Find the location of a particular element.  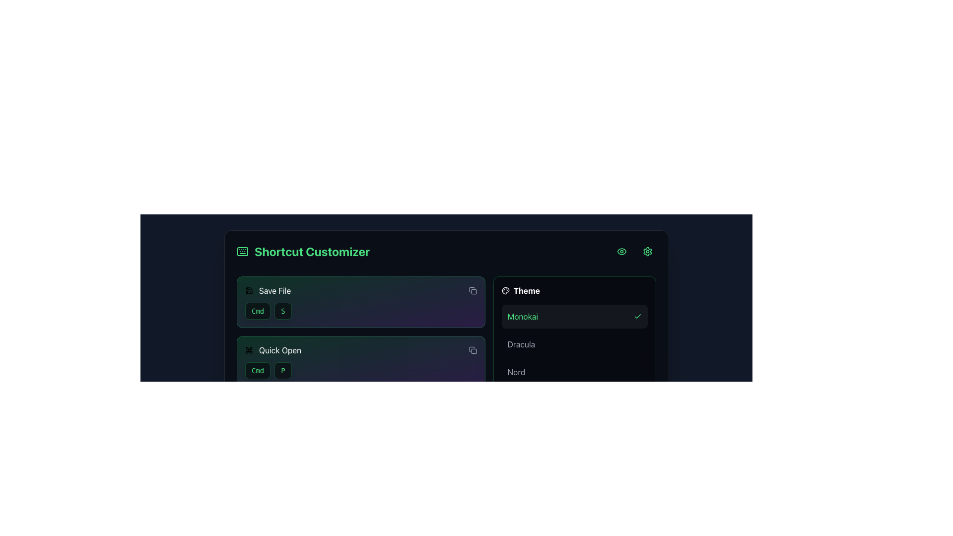

the non-interactive label with a floppy disk icon and the text 'Save File', positioned under the 'Shortcut Customizer' header, and above the 'Quick Open' entry is located at coordinates (268, 290).